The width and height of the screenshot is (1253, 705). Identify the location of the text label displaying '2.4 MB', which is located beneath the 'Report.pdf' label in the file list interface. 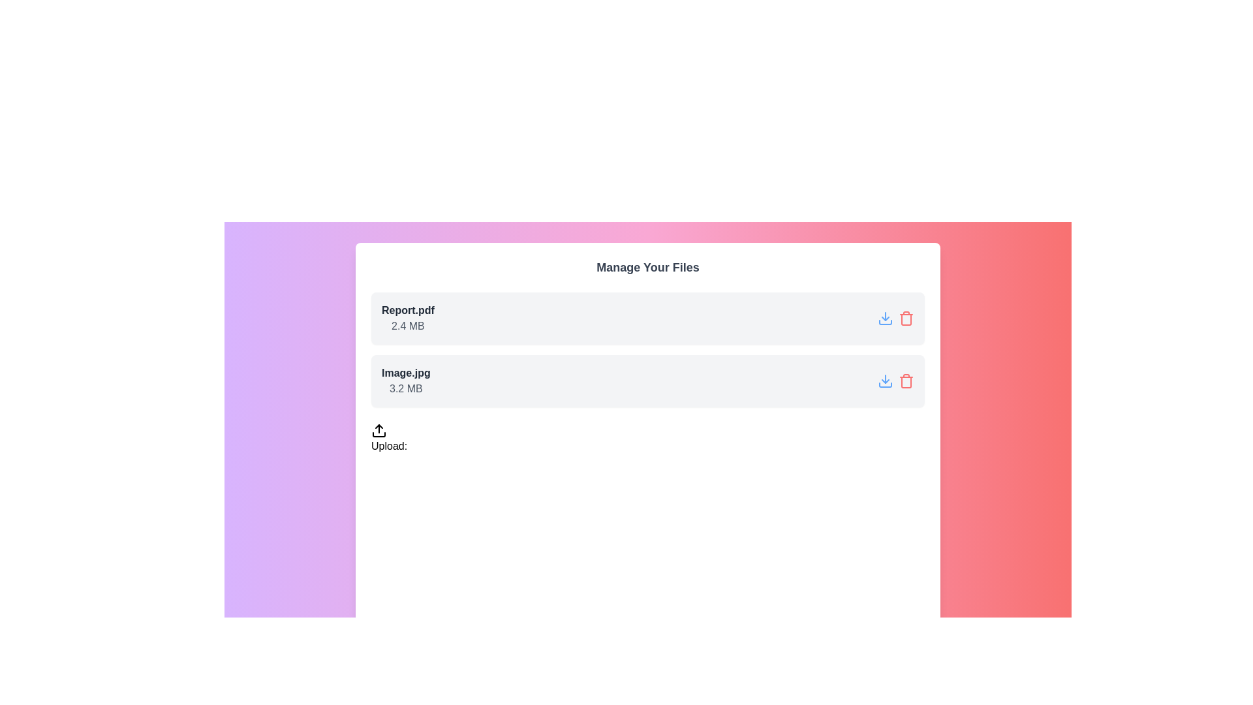
(407, 326).